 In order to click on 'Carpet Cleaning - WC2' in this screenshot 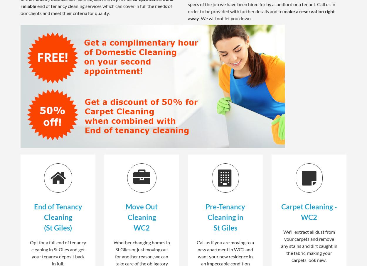, I will do `click(309, 211)`.